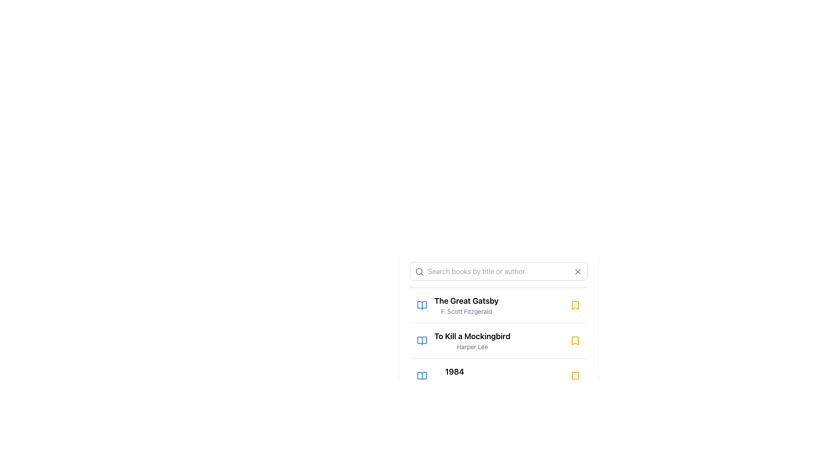 The image size is (840, 472). Describe the element at coordinates (575, 375) in the screenshot. I see `the yellow-colored bookmark icon located to the far right of the entry for the book '1984' by George Orwell` at that location.